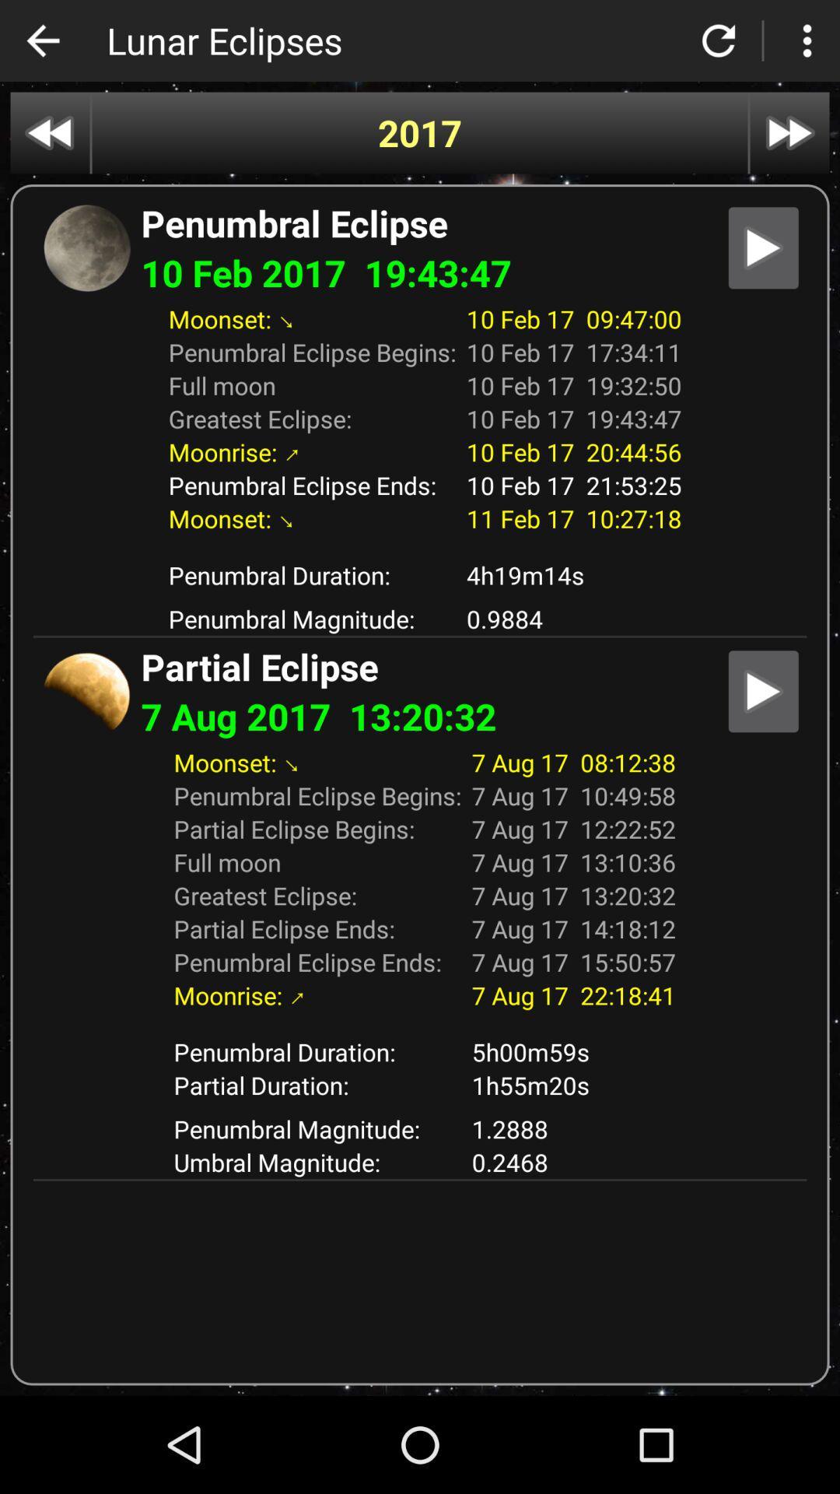  What do you see at coordinates (317, 1162) in the screenshot?
I see `the item below penumbral magnitude: icon` at bounding box center [317, 1162].